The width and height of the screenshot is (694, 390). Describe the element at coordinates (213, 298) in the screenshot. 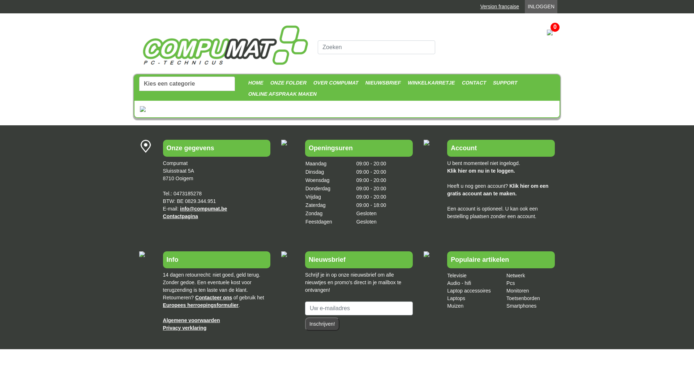

I see `'Contacteer ons'` at that location.